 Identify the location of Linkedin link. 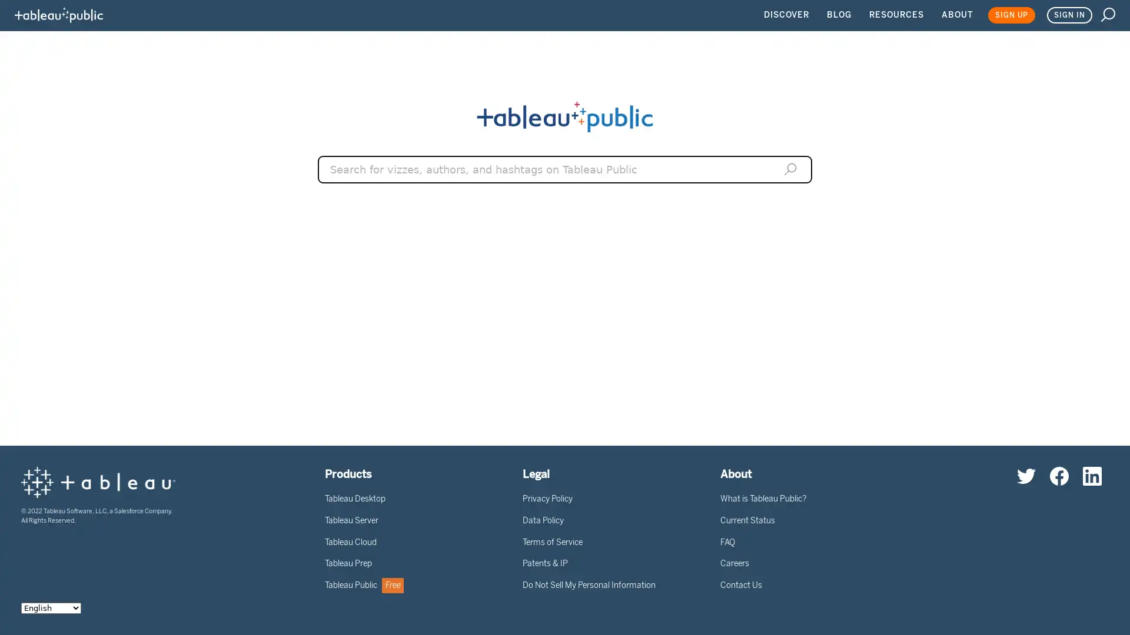
(1092, 475).